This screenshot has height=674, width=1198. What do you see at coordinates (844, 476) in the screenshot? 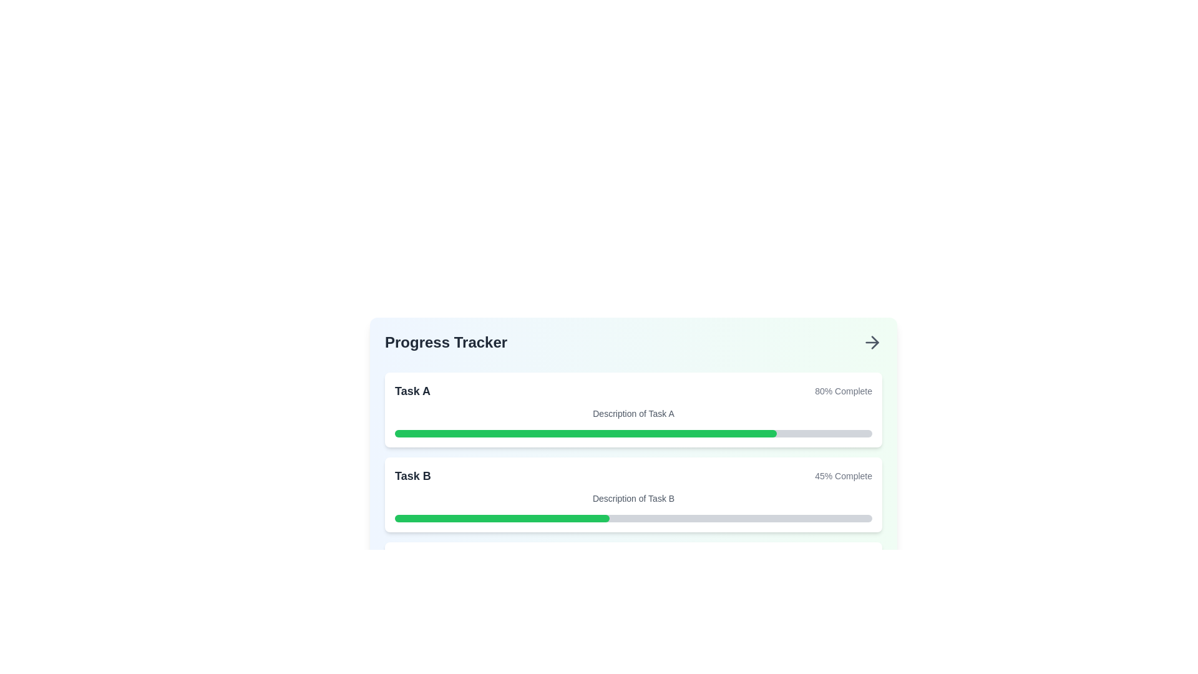
I see `the Text Label displaying '45% Complete' that indicates the progress of 'Task B'` at bounding box center [844, 476].